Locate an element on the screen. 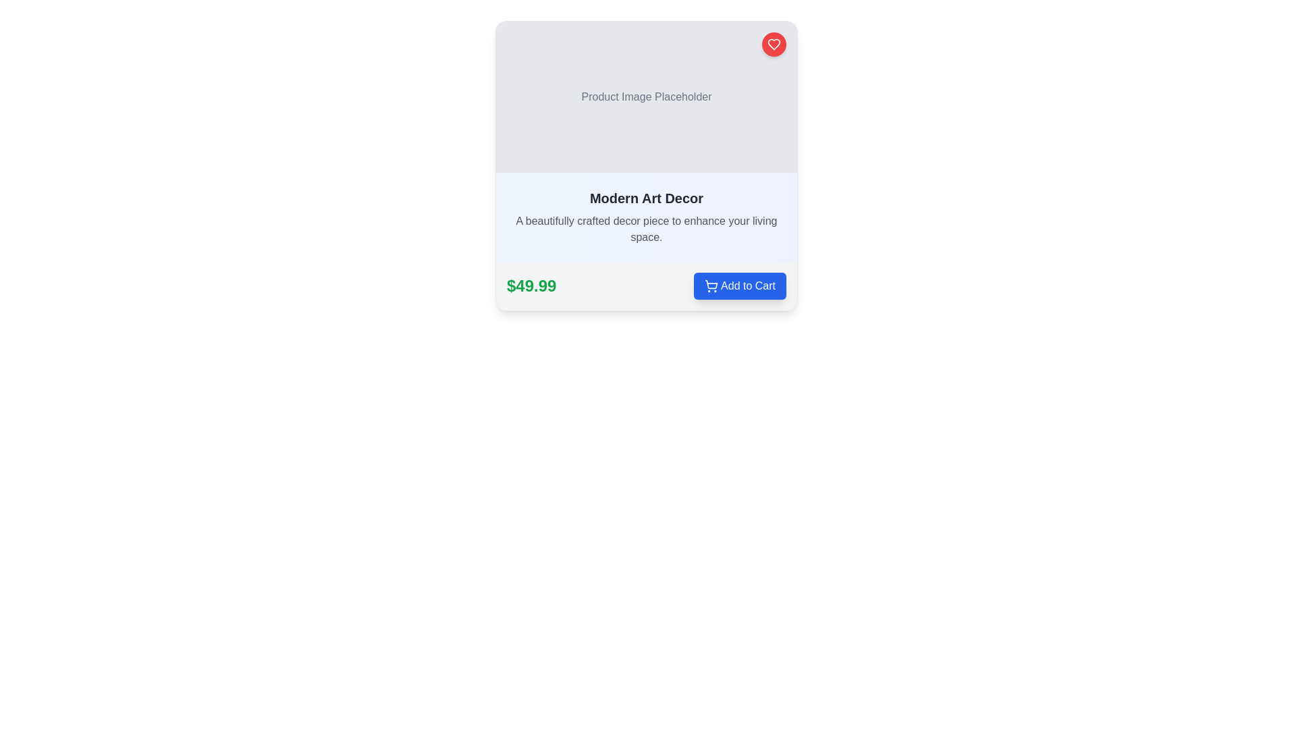  text label 'Modern Art Decor', which is a bold black text displayed prominently at the top of the UI card section is located at coordinates (646, 198).